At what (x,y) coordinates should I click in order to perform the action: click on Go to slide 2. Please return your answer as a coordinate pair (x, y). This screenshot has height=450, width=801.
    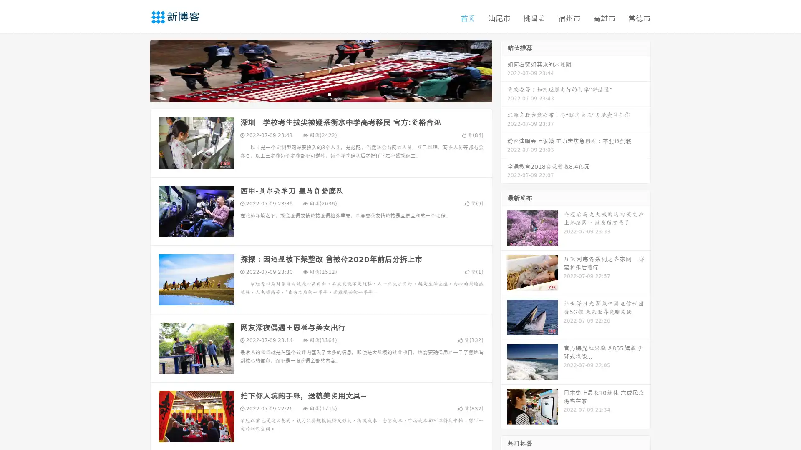
    Looking at the image, I should click on (320, 94).